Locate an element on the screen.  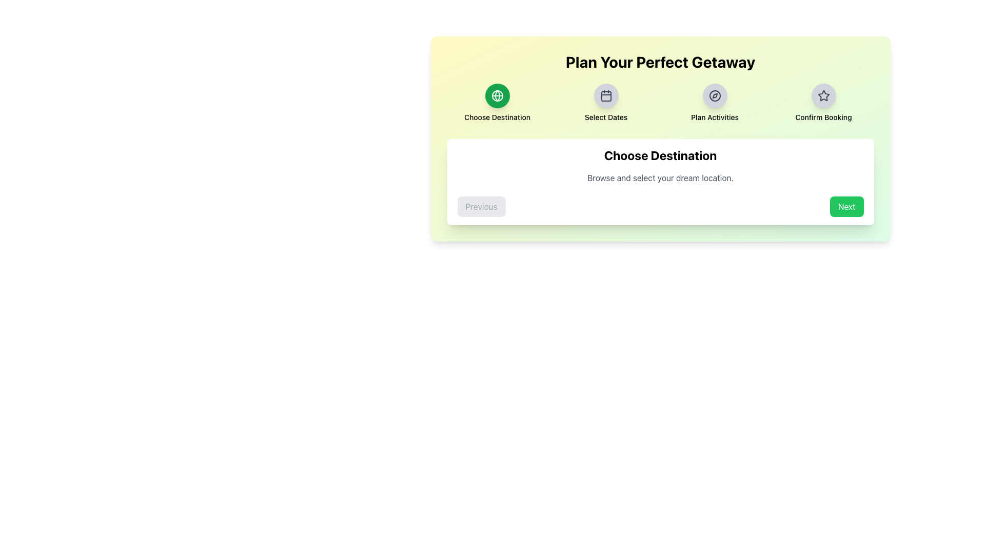
the static text element that provides instructions about the action to perform, located below the heading 'Choose Destination' and above the navigation buttons is located at coordinates (660, 177).